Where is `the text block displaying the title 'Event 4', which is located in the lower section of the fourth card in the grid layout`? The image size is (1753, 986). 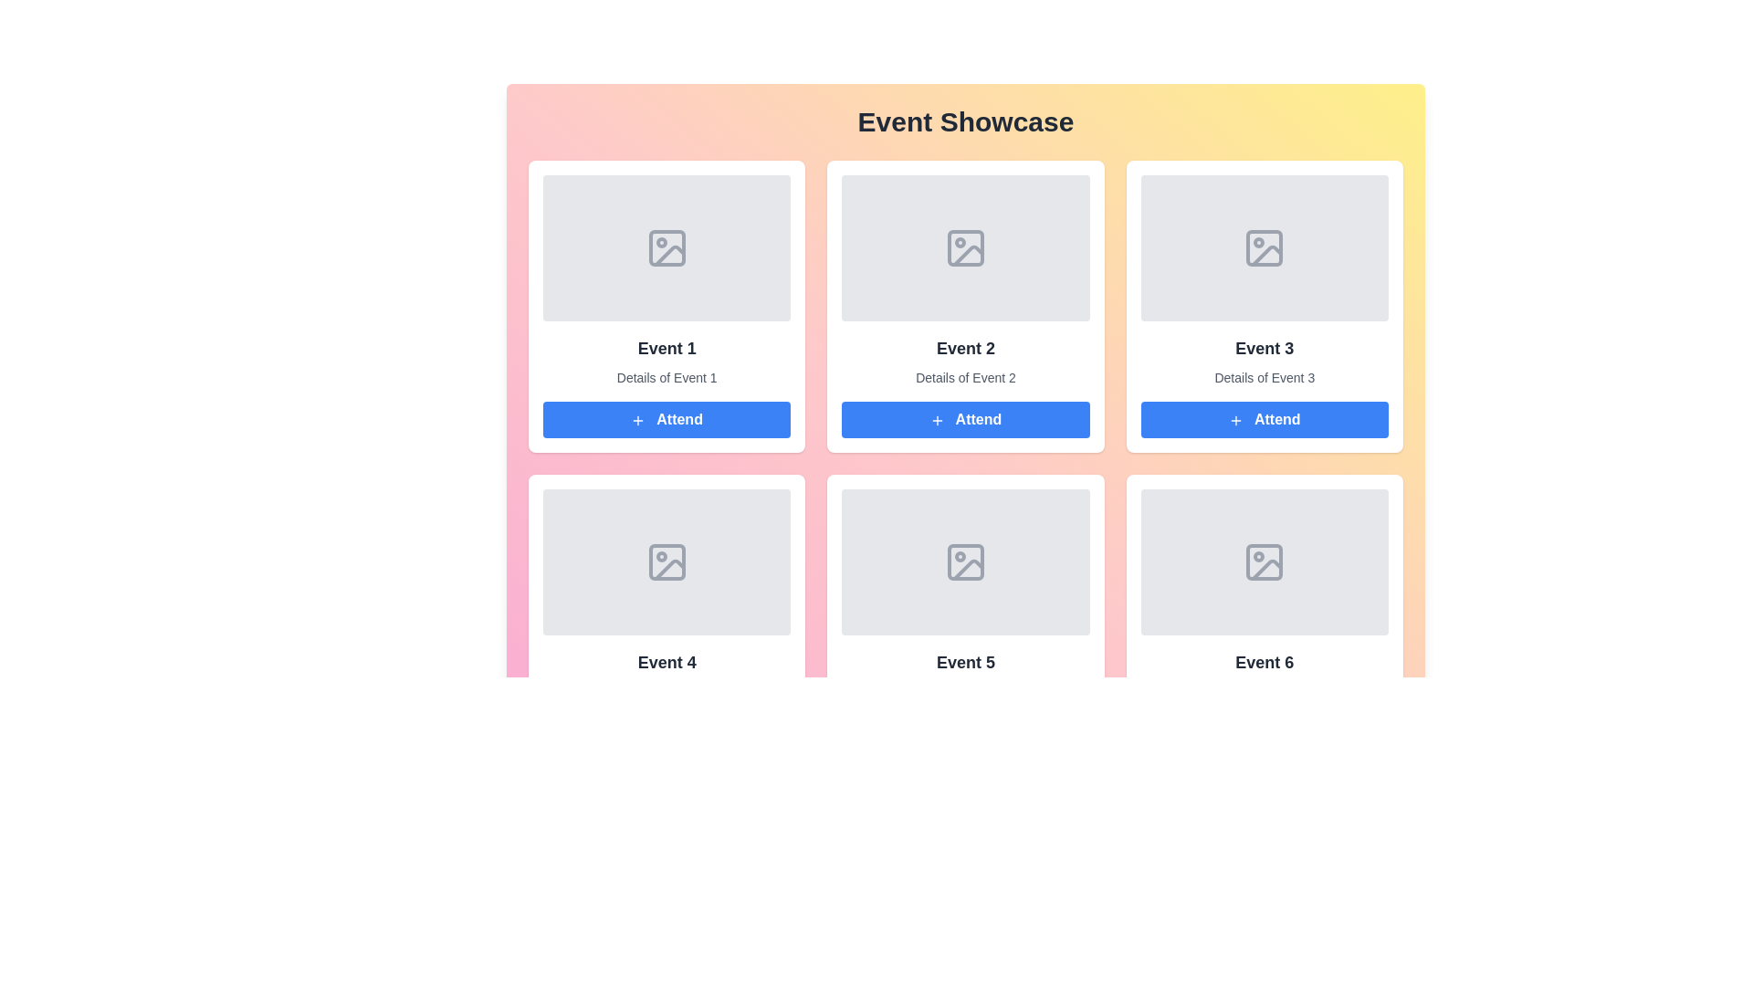 the text block displaying the title 'Event 4', which is located in the lower section of the fourth card in the grid layout is located at coordinates (666, 662).